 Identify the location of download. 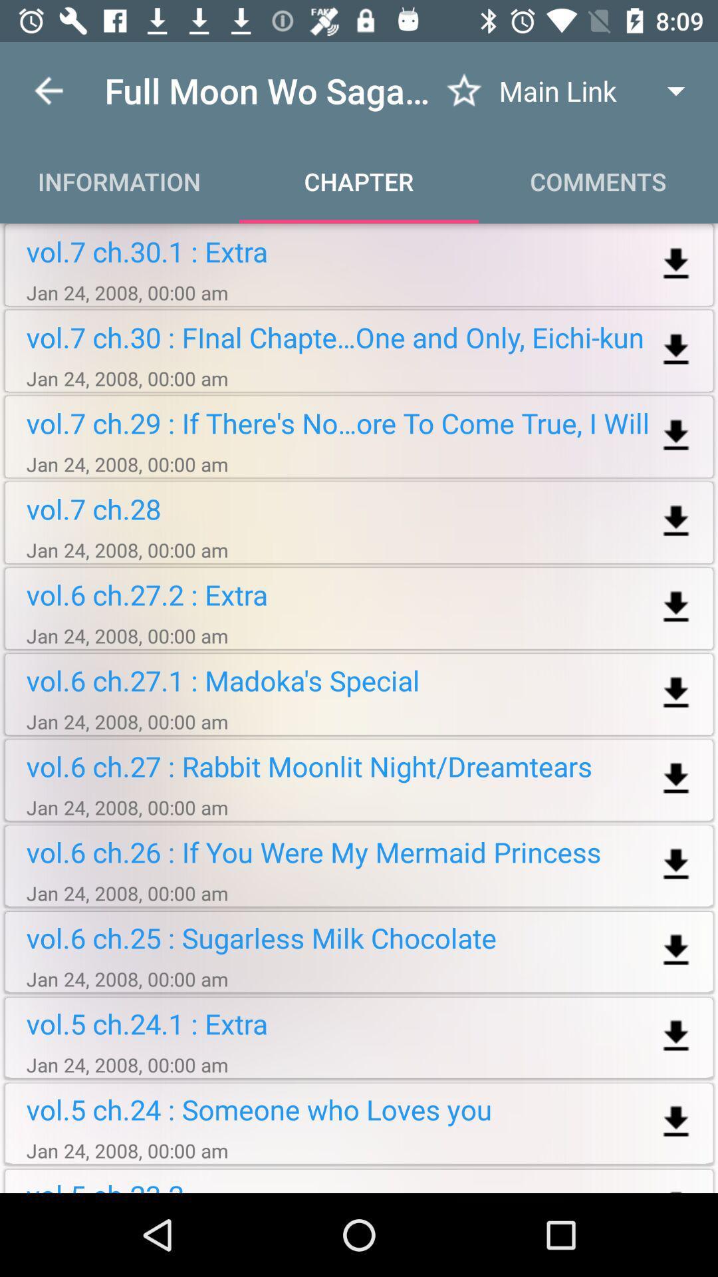
(676, 350).